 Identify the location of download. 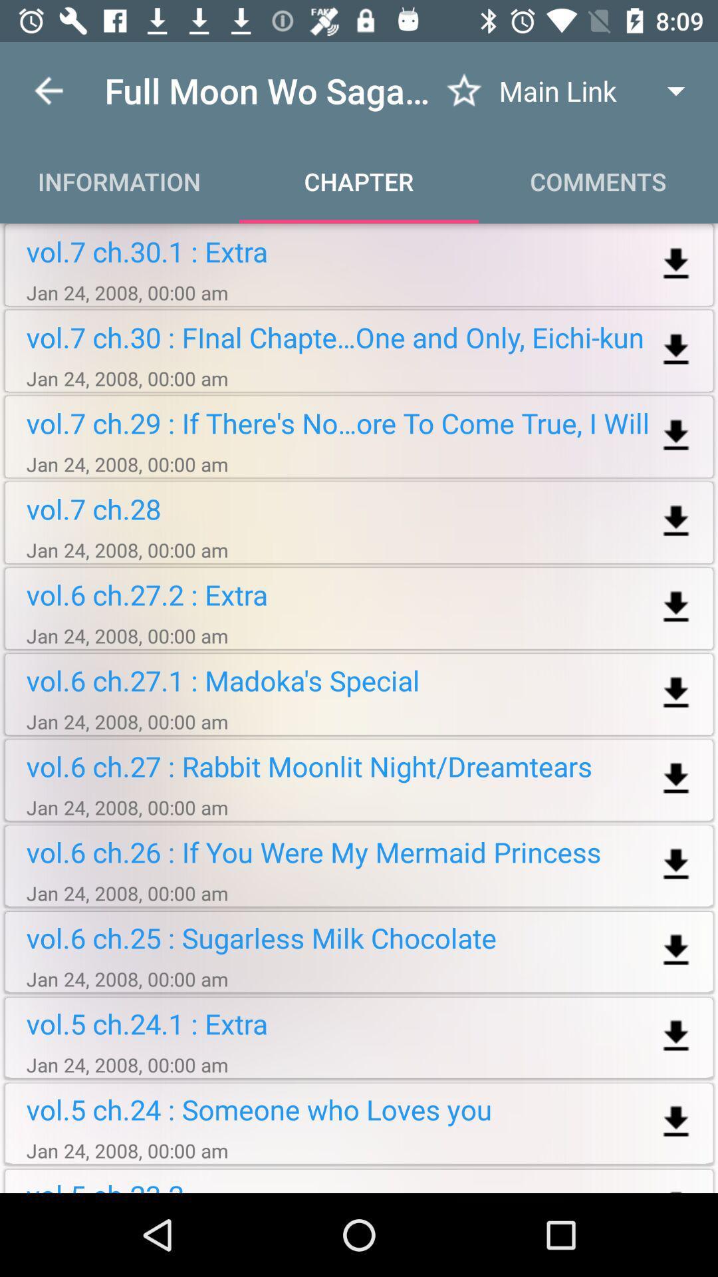
(676, 350).